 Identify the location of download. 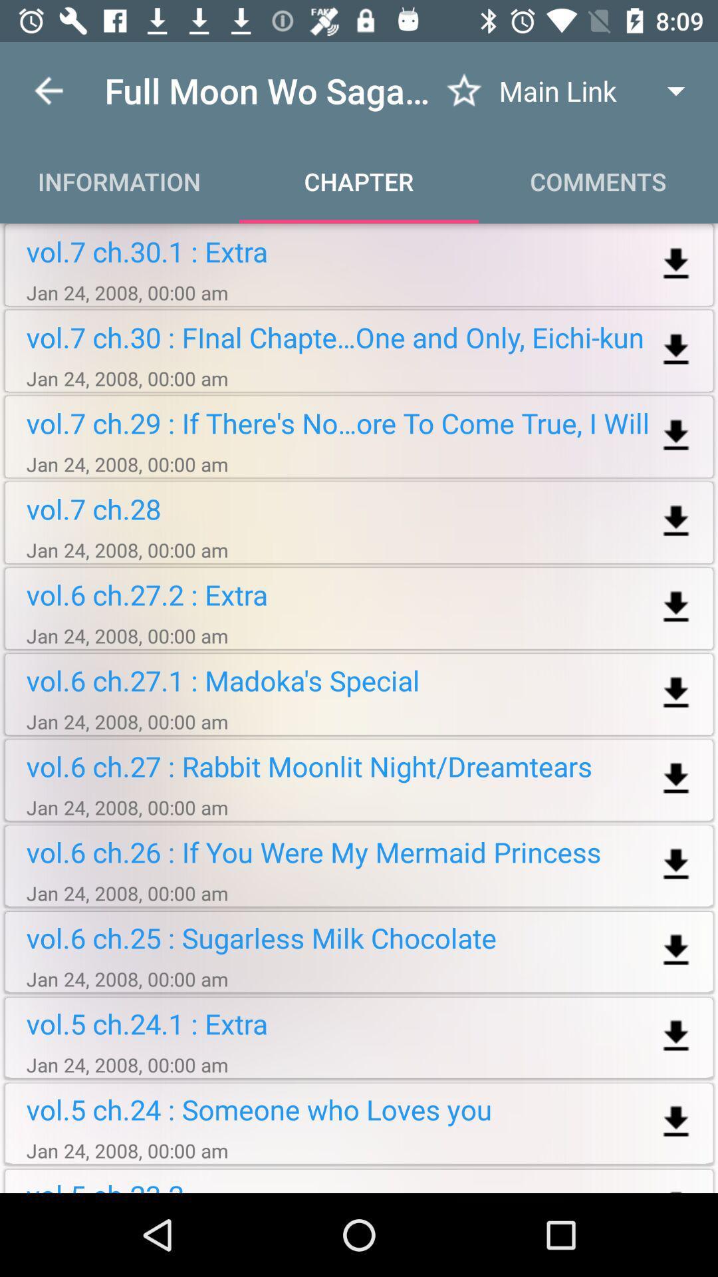
(676, 350).